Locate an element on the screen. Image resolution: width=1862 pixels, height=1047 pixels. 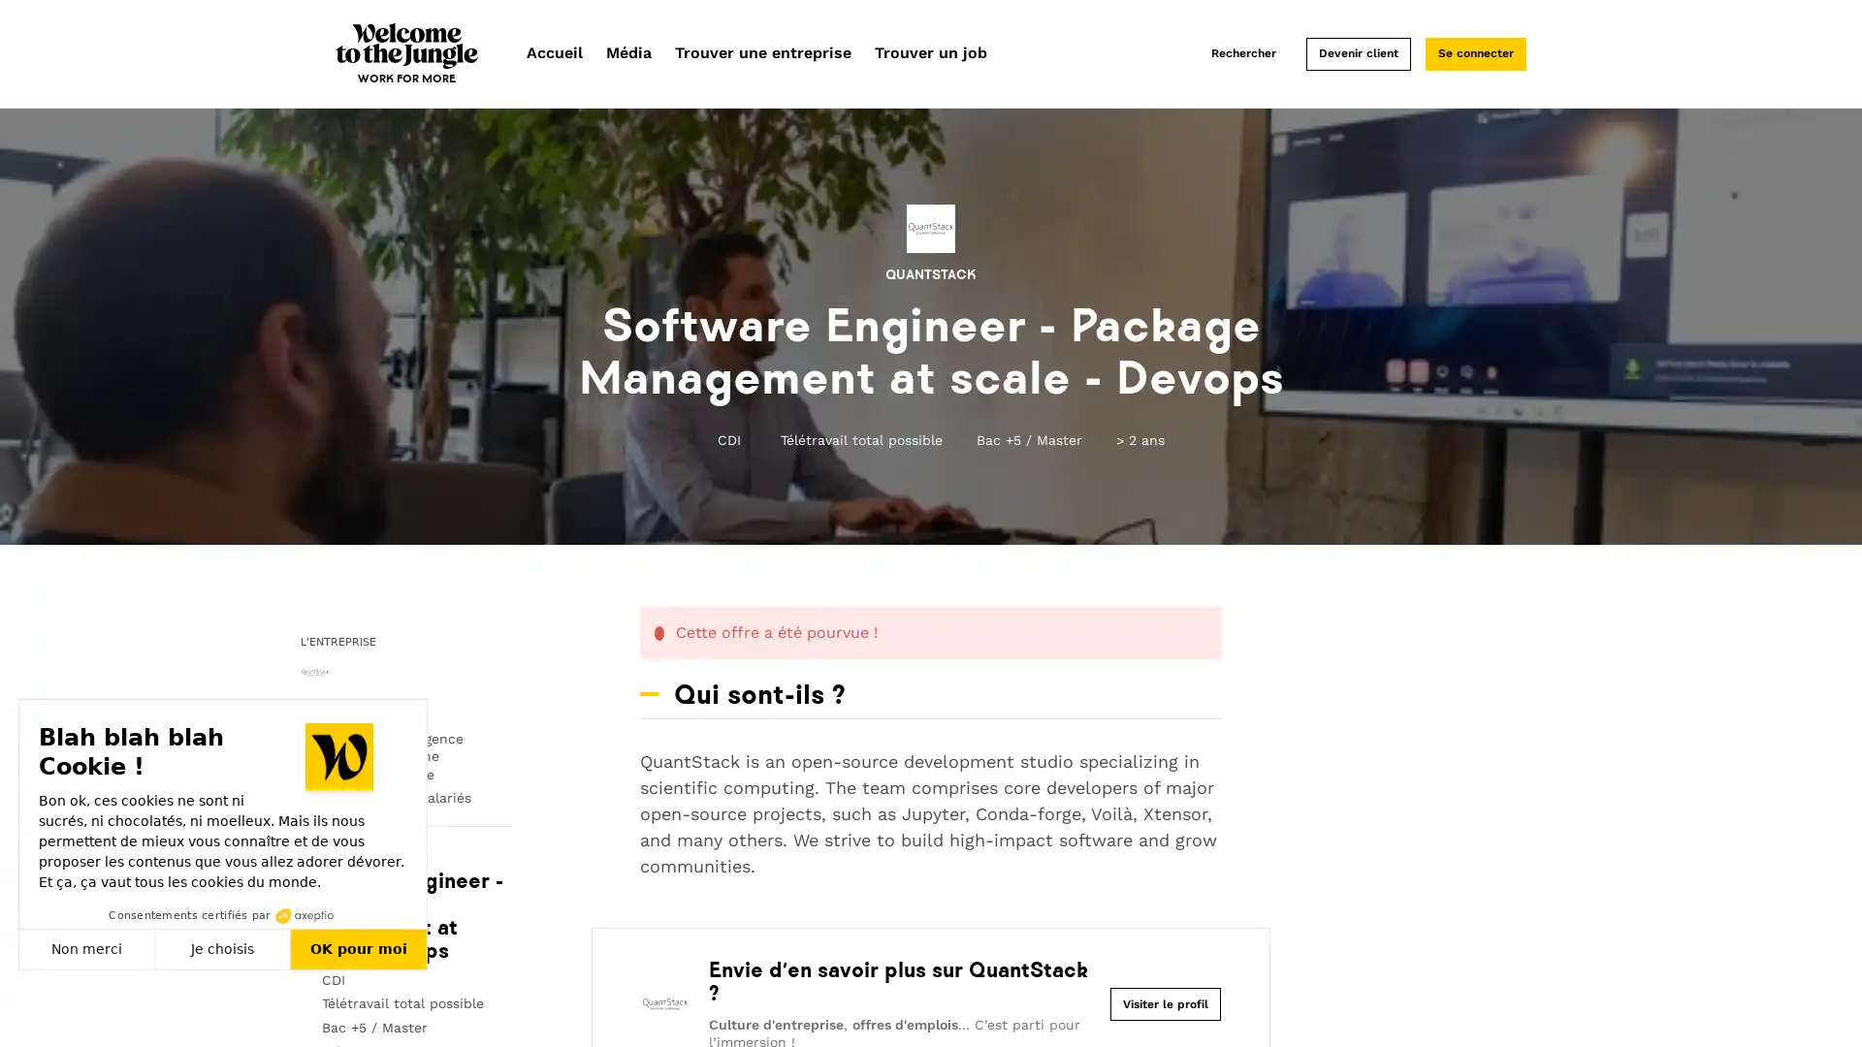
OK pour moi is located at coordinates (358, 948).